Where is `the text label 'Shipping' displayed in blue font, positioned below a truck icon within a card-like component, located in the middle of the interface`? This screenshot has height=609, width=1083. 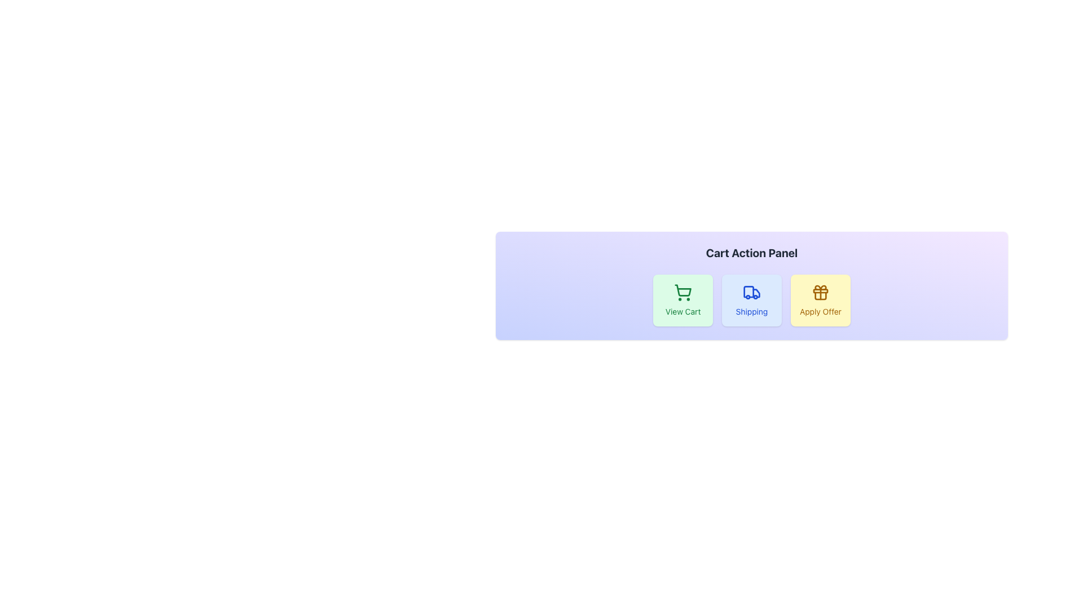
the text label 'Shipping' displayed in blue font, positioned below a truck icon within a card-like component, located in the middle of the interface is located at coordinates (752, 311).